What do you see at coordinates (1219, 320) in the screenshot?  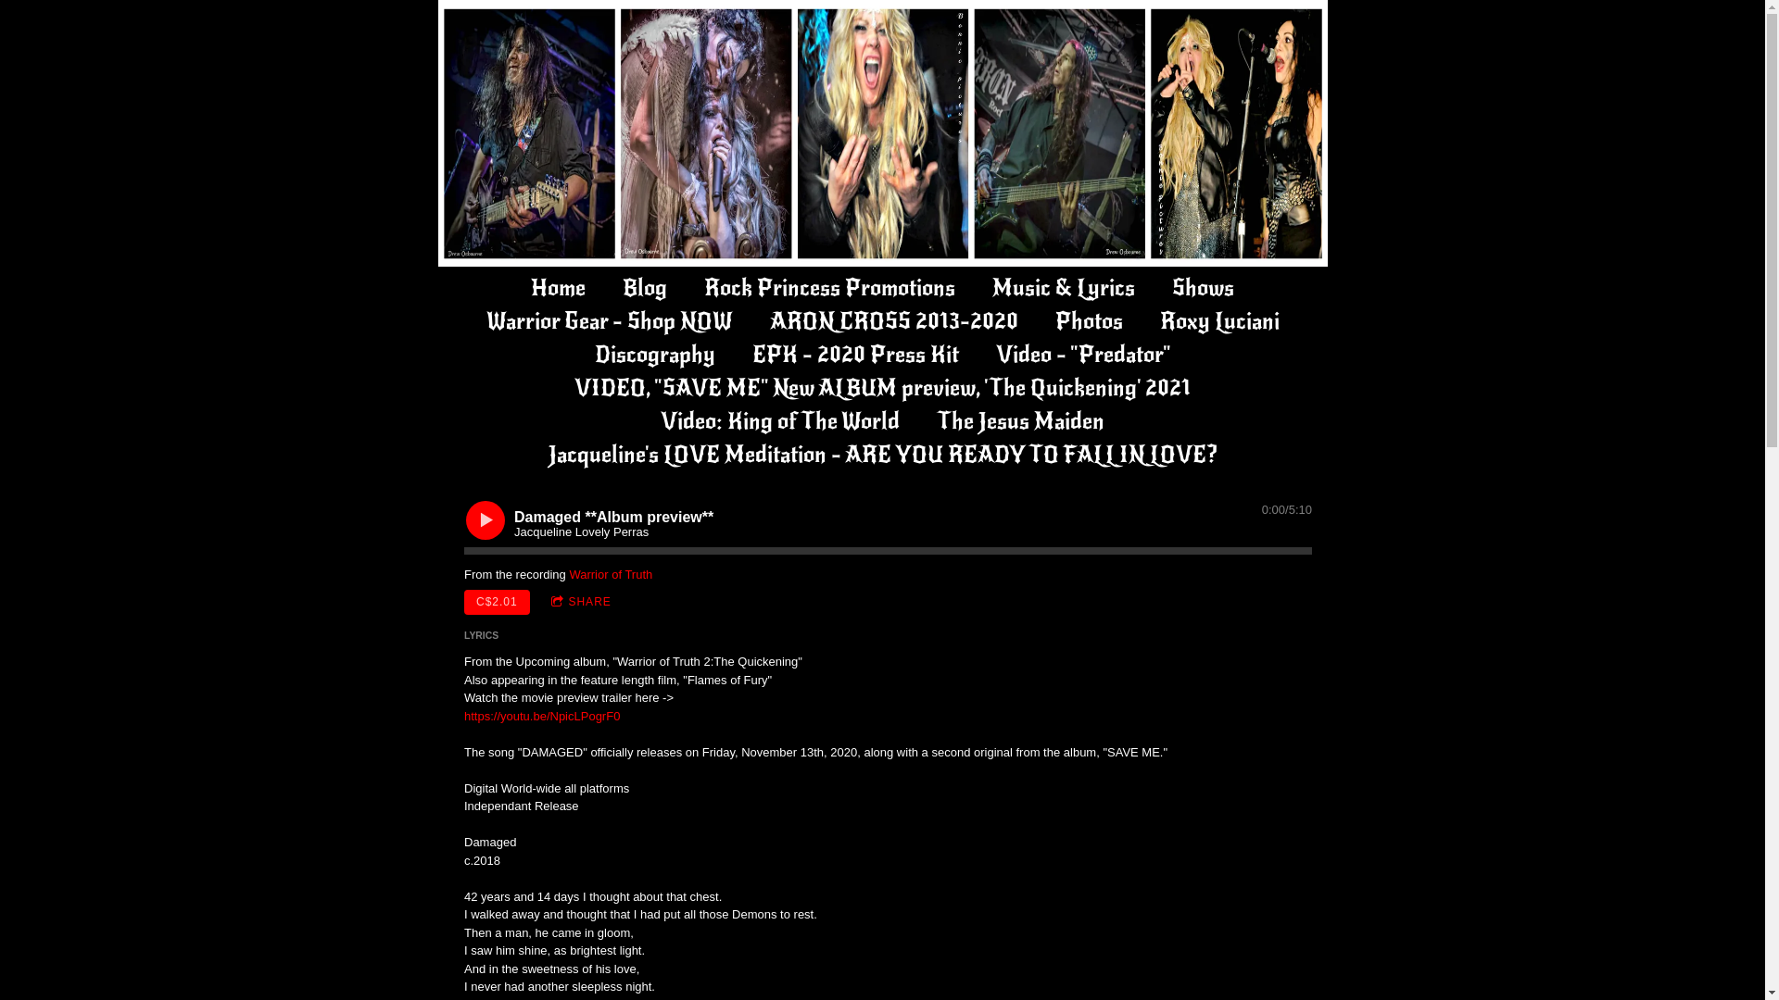 I see `'Roxy Luciani'` at bounding box center [1219, 320].